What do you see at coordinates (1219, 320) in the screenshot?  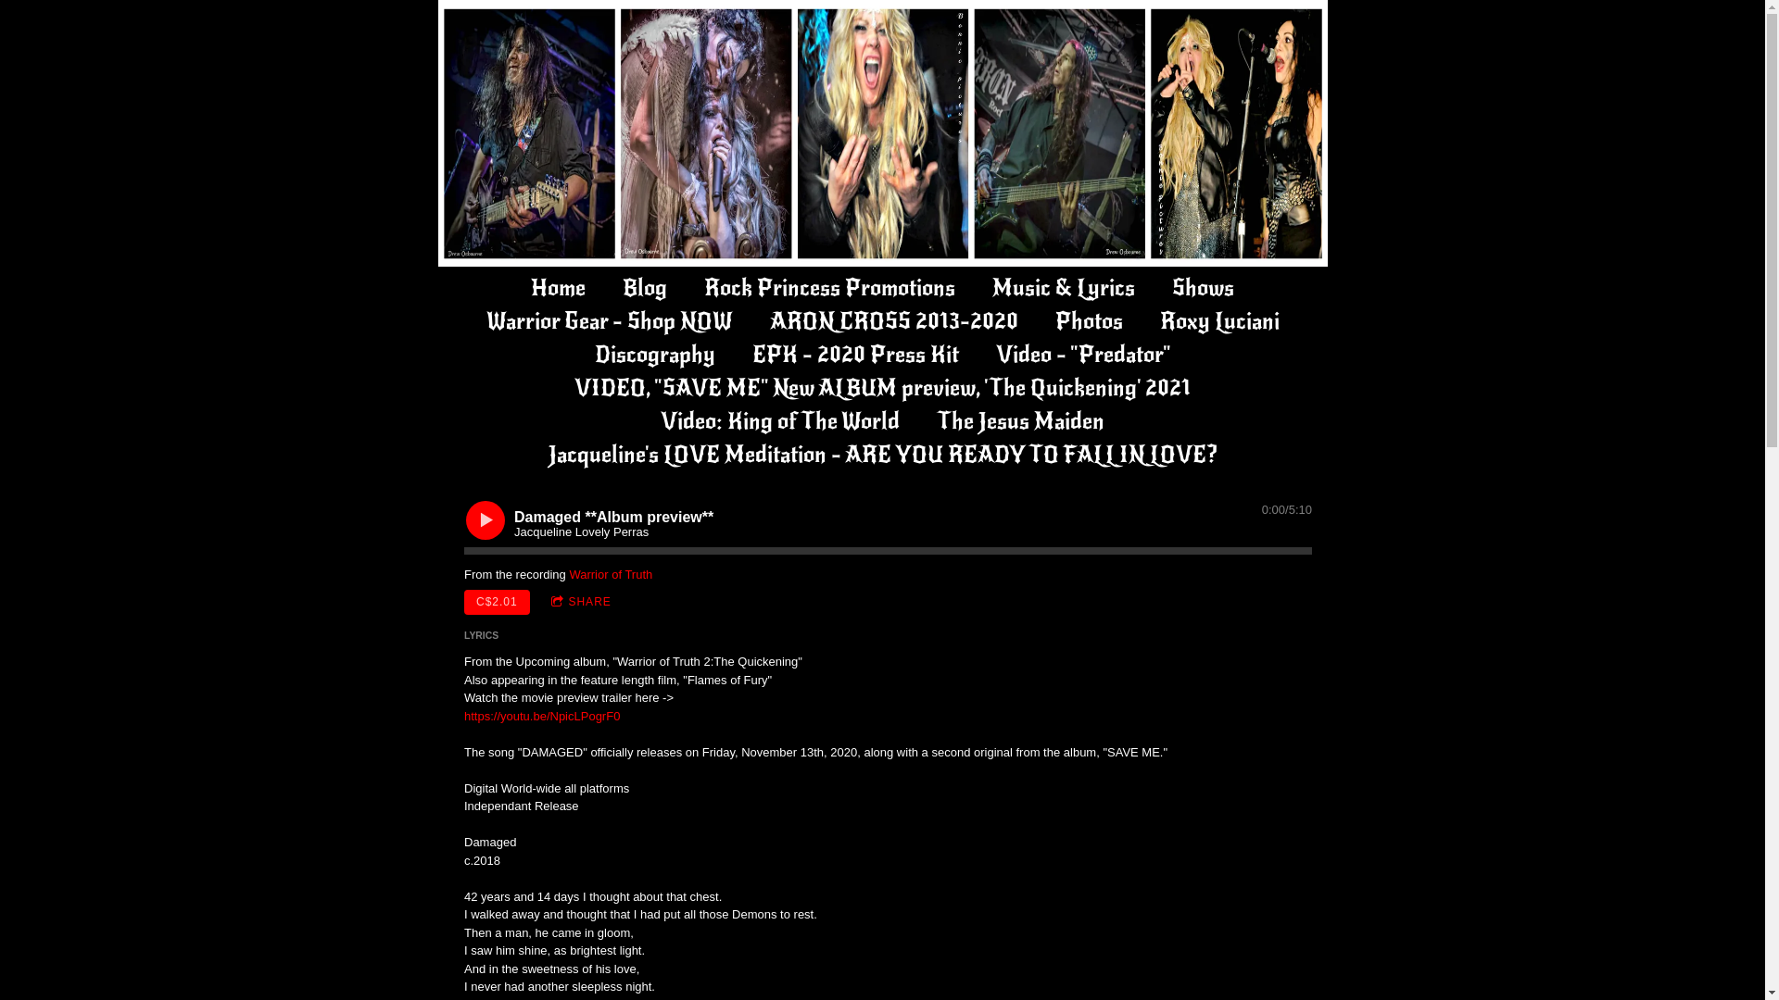 I see `'Roxy Luciani'` at bounding box center [1219, 320].